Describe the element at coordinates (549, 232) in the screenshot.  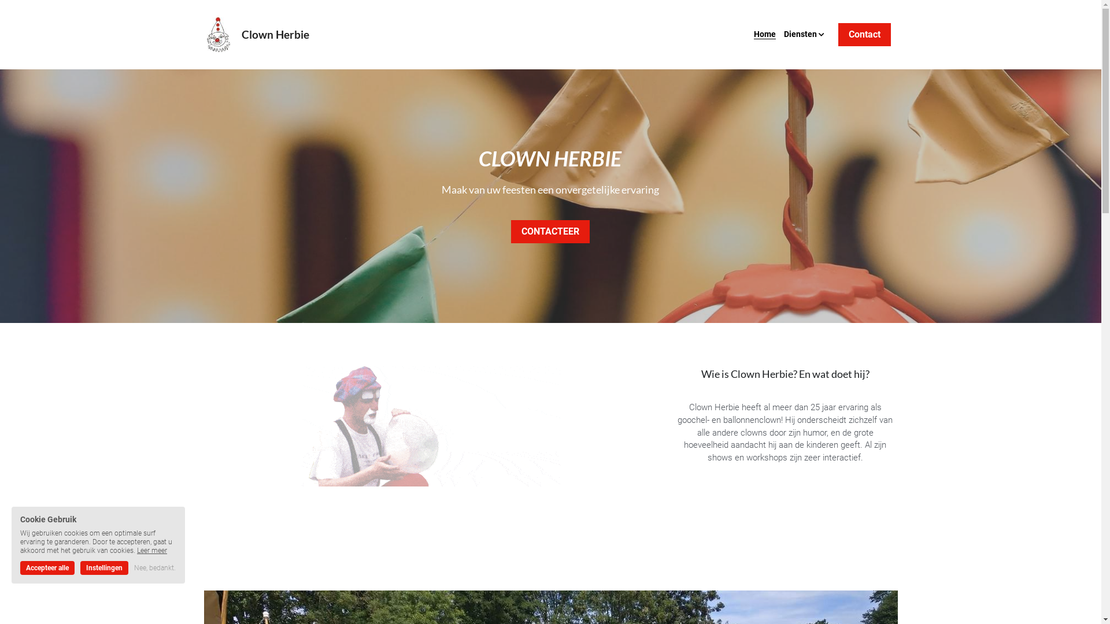
I see `'CONTACTEER'` at that location.